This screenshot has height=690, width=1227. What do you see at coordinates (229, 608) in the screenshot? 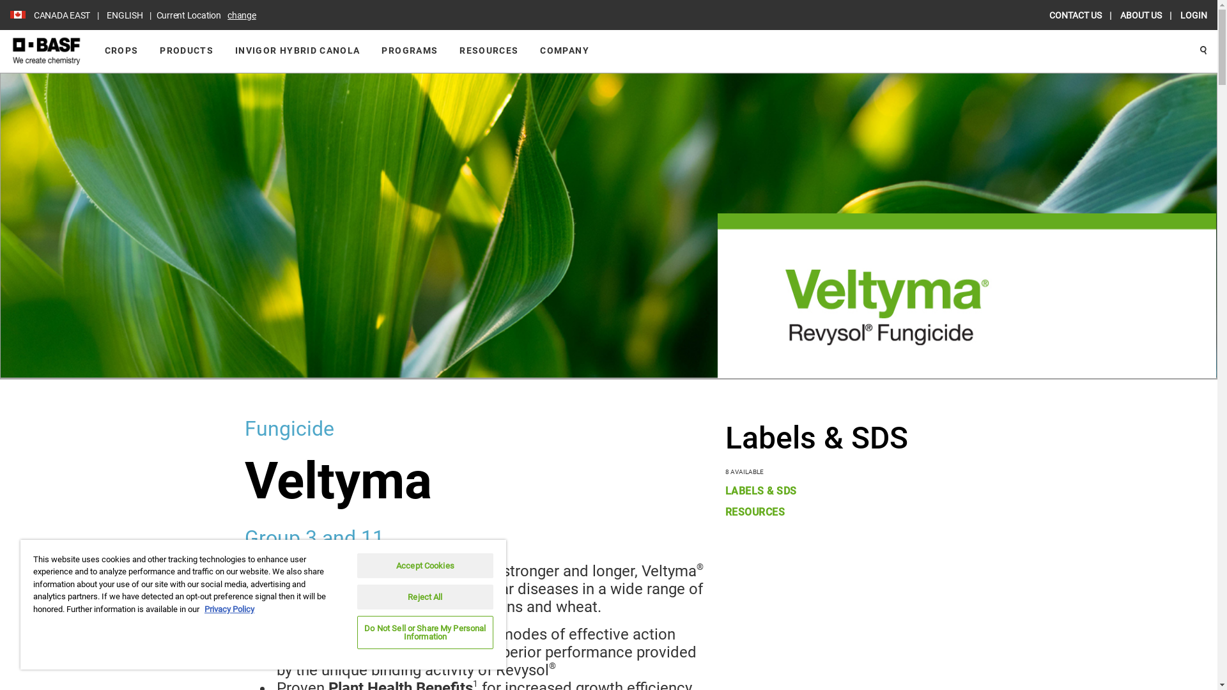
I see `'Privacy Policy'` at bounding box center [229, 608].